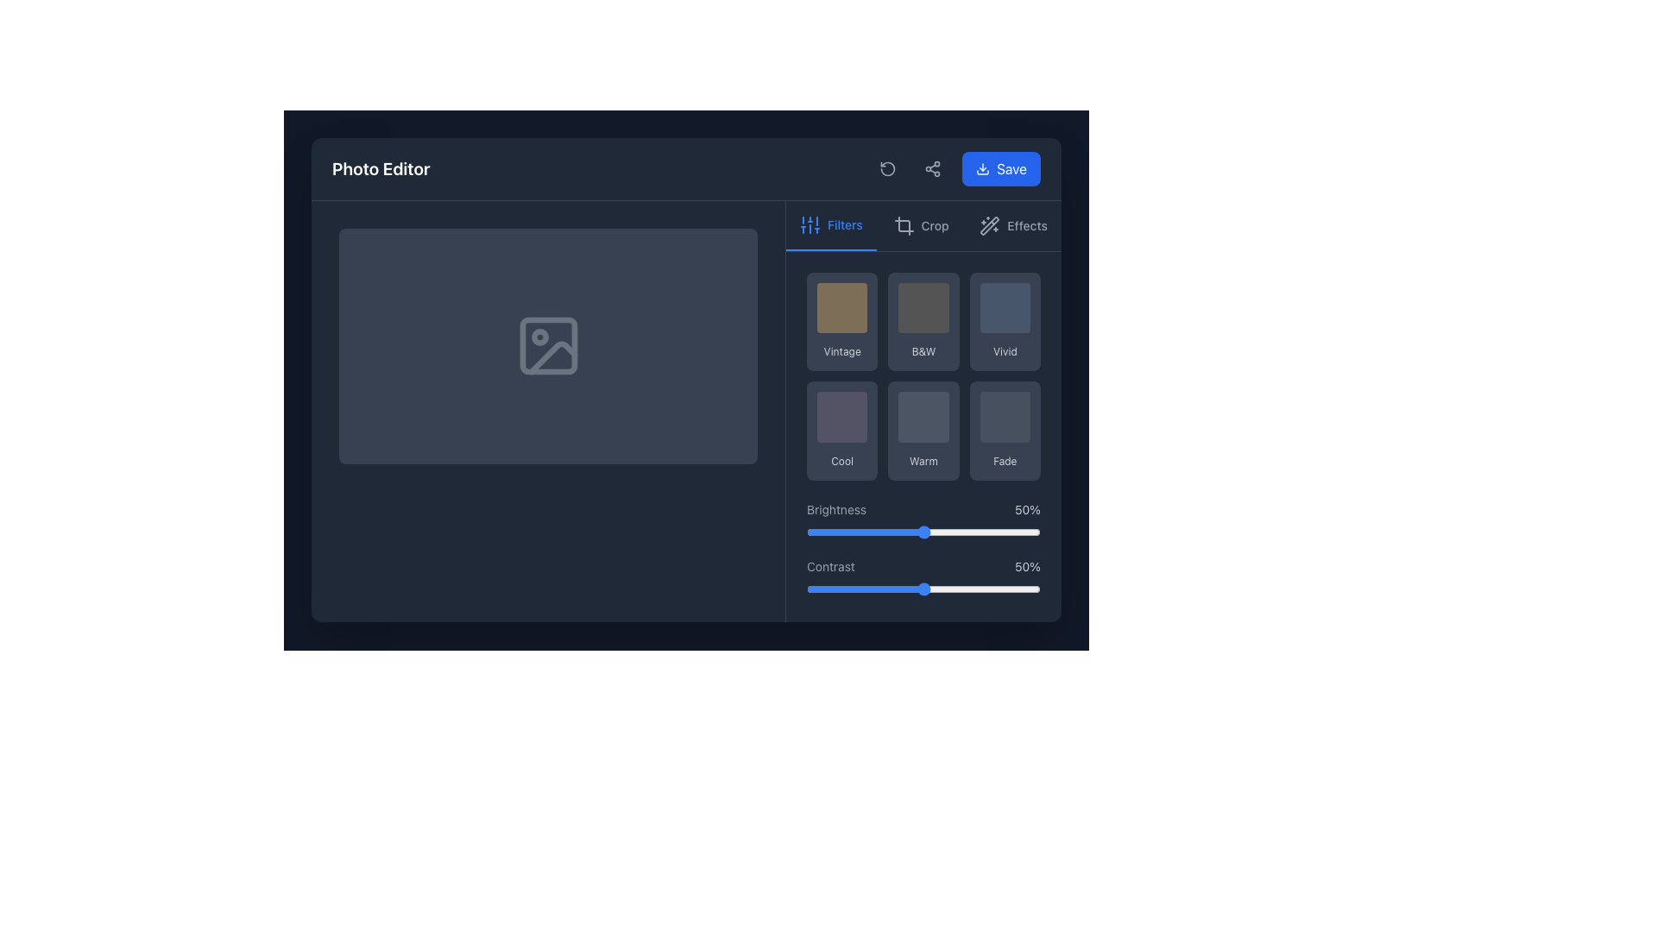 The height and width of the screenshot is (932, 1657). What do you see at coordinates (830, 566) in the screenshot?
I see `the 'Contrast' text label styled with a gray font, located in the bottom section of the right-hand toolbar, just before the slider labeled '50%'` at bounding box center [830, 566].